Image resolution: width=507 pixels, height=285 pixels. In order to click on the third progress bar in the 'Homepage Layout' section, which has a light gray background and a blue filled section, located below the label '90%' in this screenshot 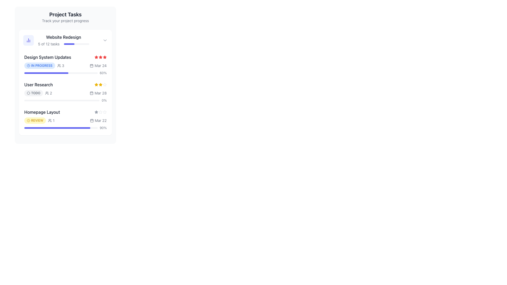, I will do `click(61, 128)`.